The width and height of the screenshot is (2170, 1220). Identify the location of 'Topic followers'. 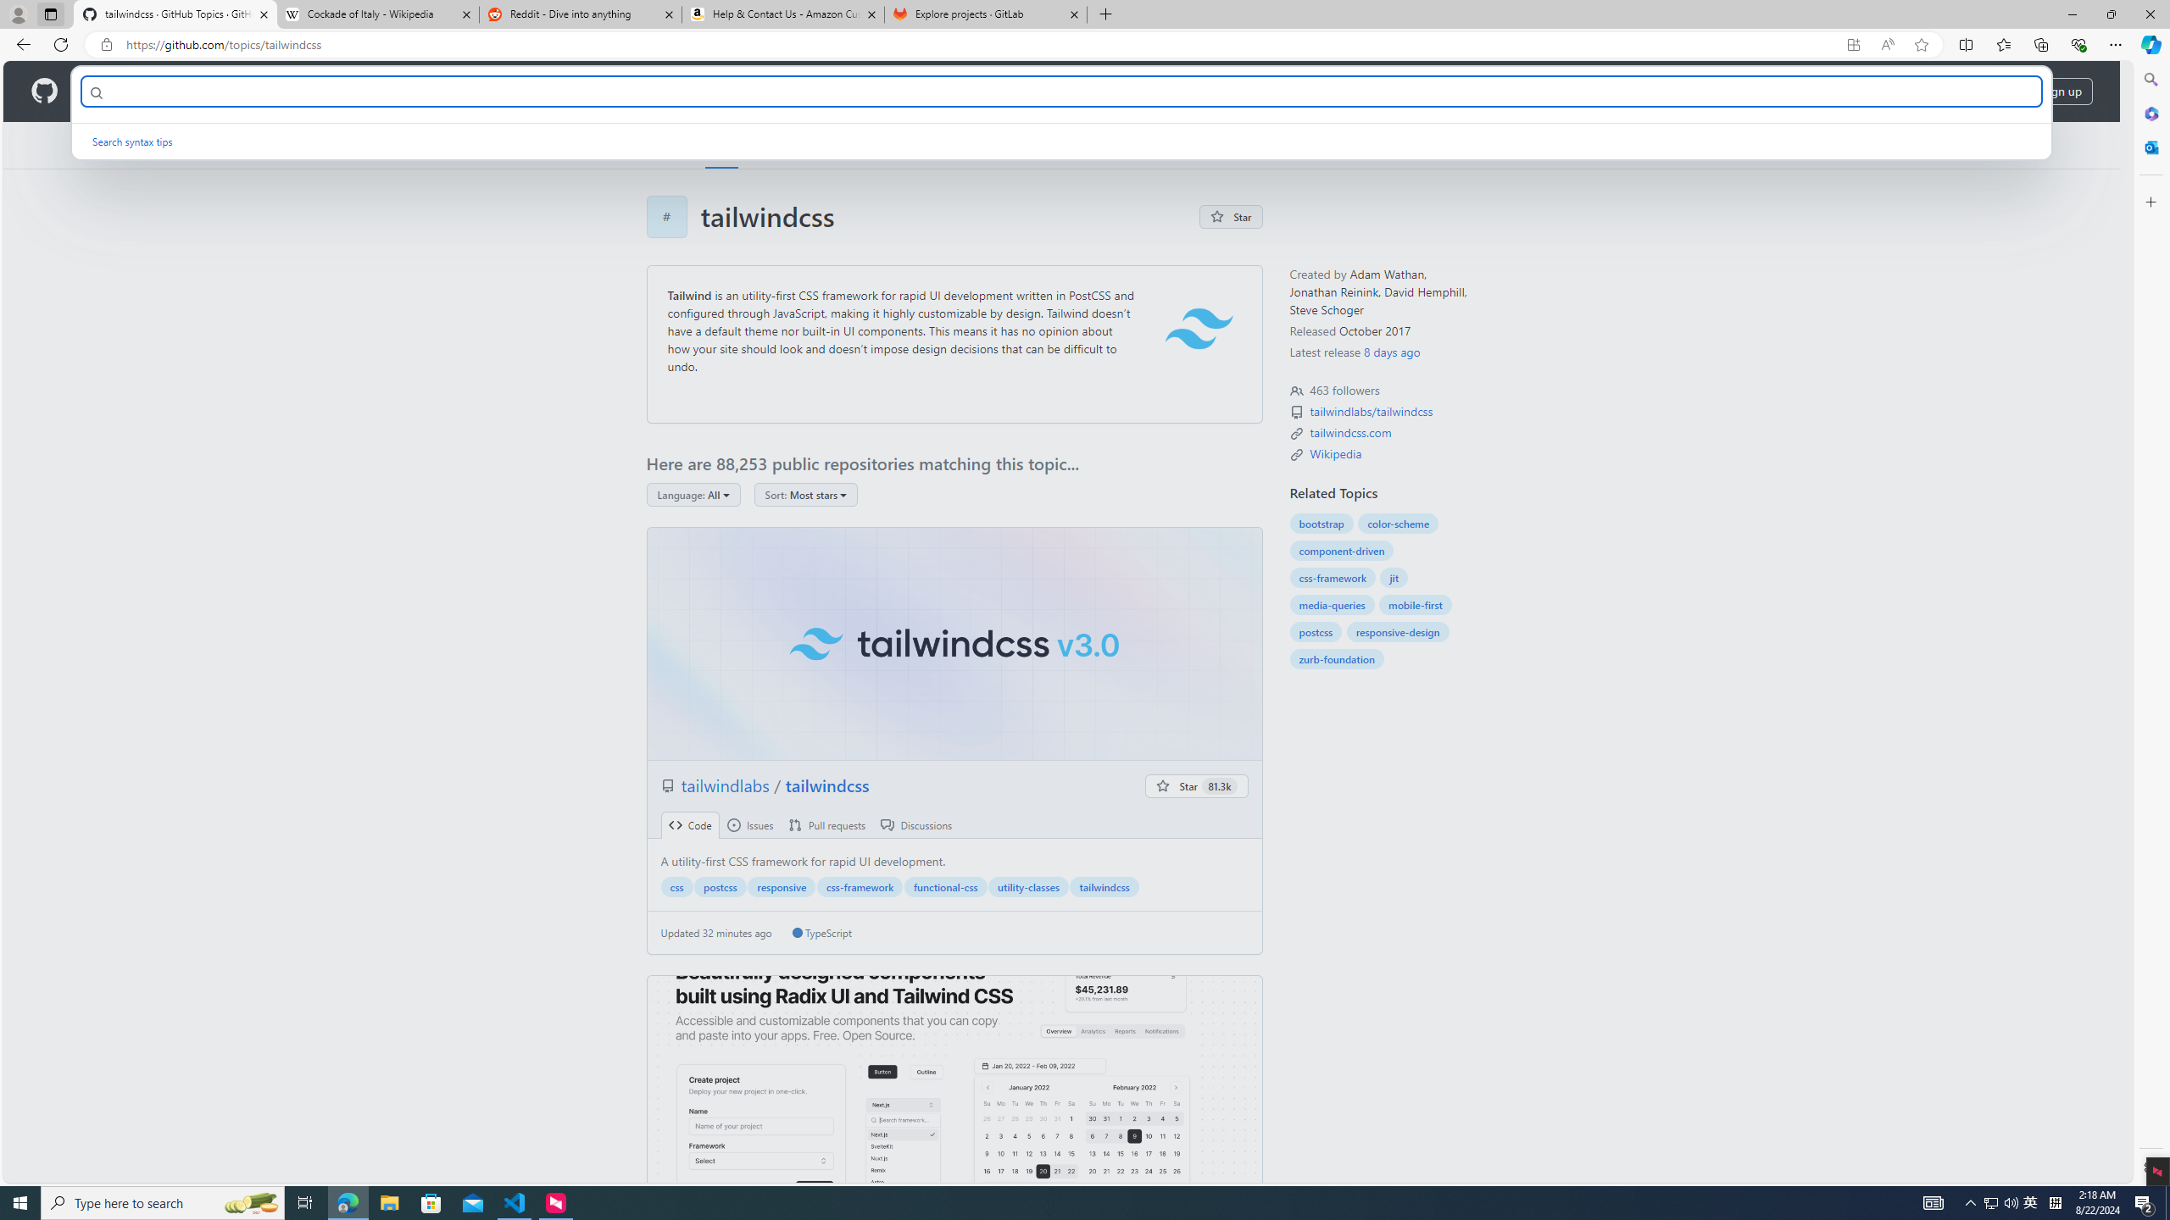
(1295, 390).